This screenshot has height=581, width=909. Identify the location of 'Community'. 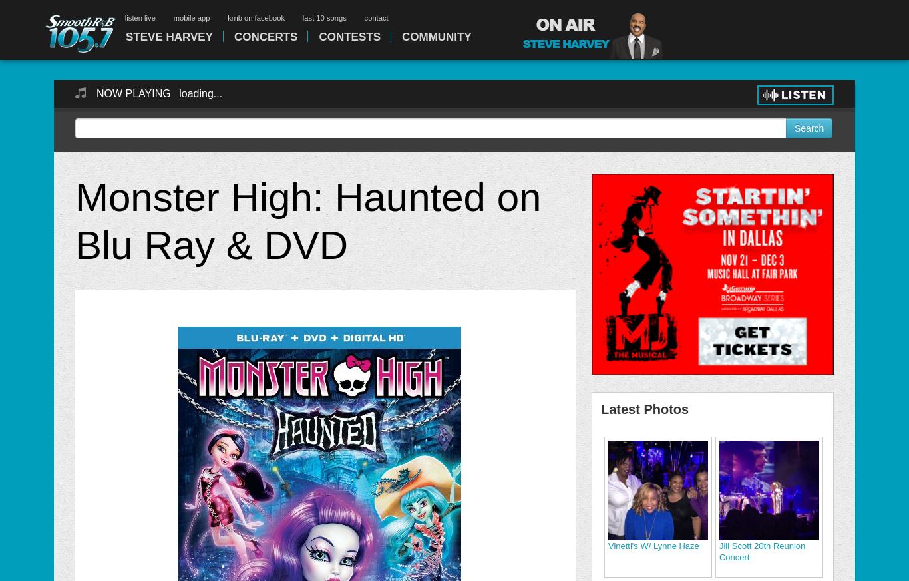
(400, 36).